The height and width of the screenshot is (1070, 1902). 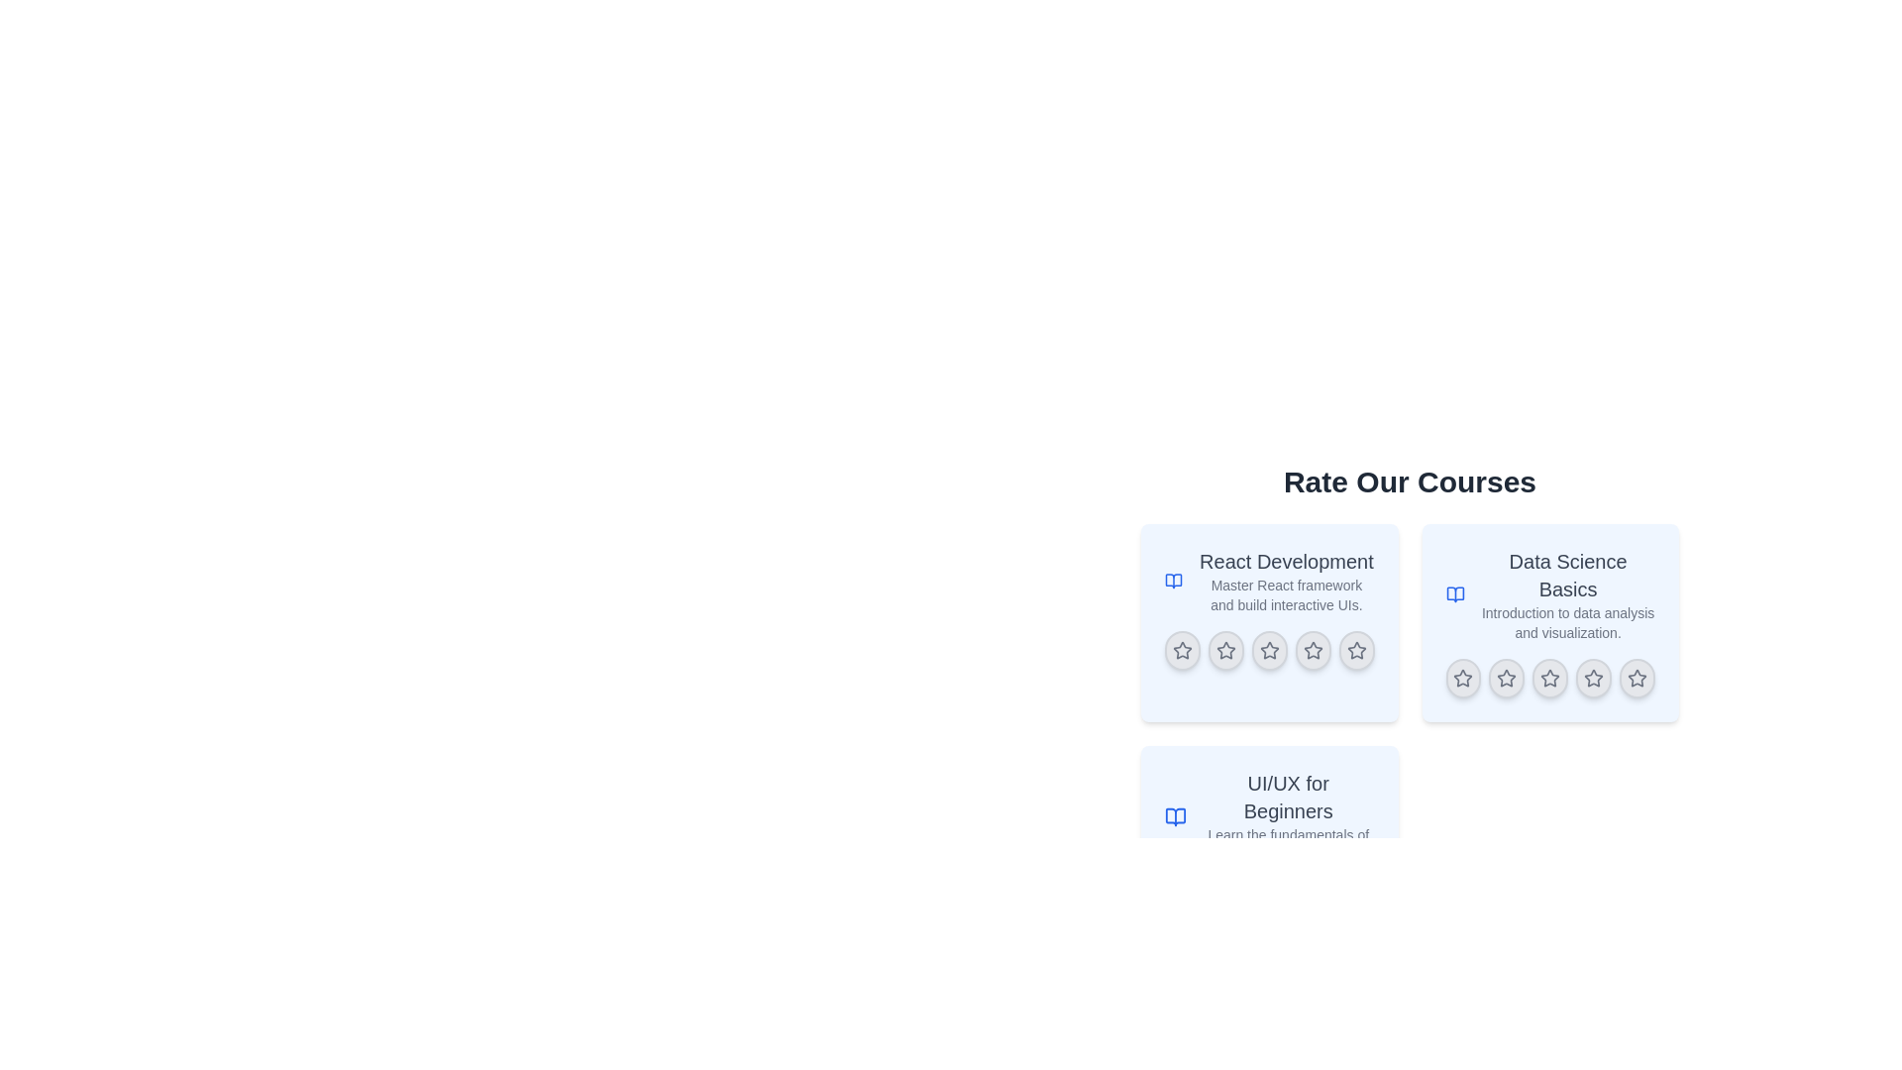 I want to click on the fourth star icon representing the rating option for the 'Data Science Basics' course, so click(x=1594, y=678).